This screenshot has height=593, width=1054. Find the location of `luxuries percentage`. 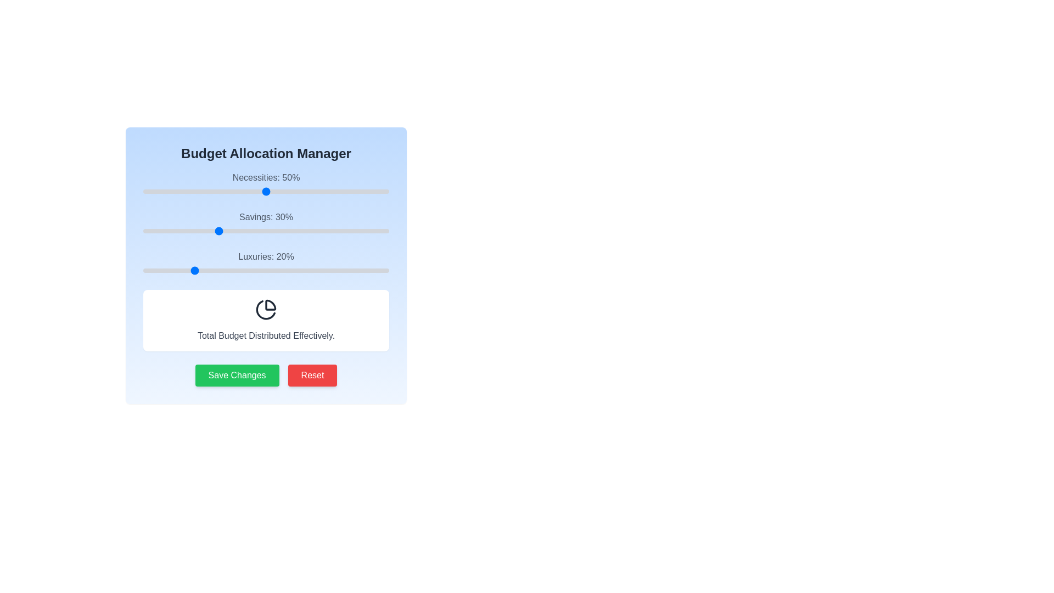

luxuries percentage is located at coordinates (177, 271).